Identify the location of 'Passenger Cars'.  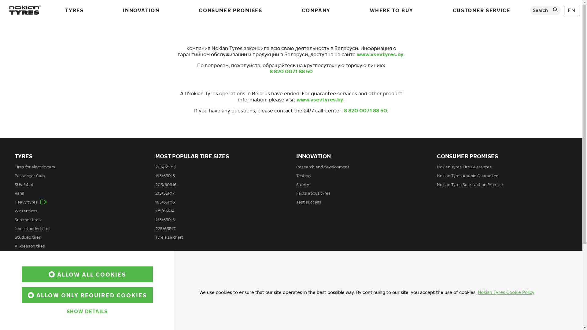
(15, 175).